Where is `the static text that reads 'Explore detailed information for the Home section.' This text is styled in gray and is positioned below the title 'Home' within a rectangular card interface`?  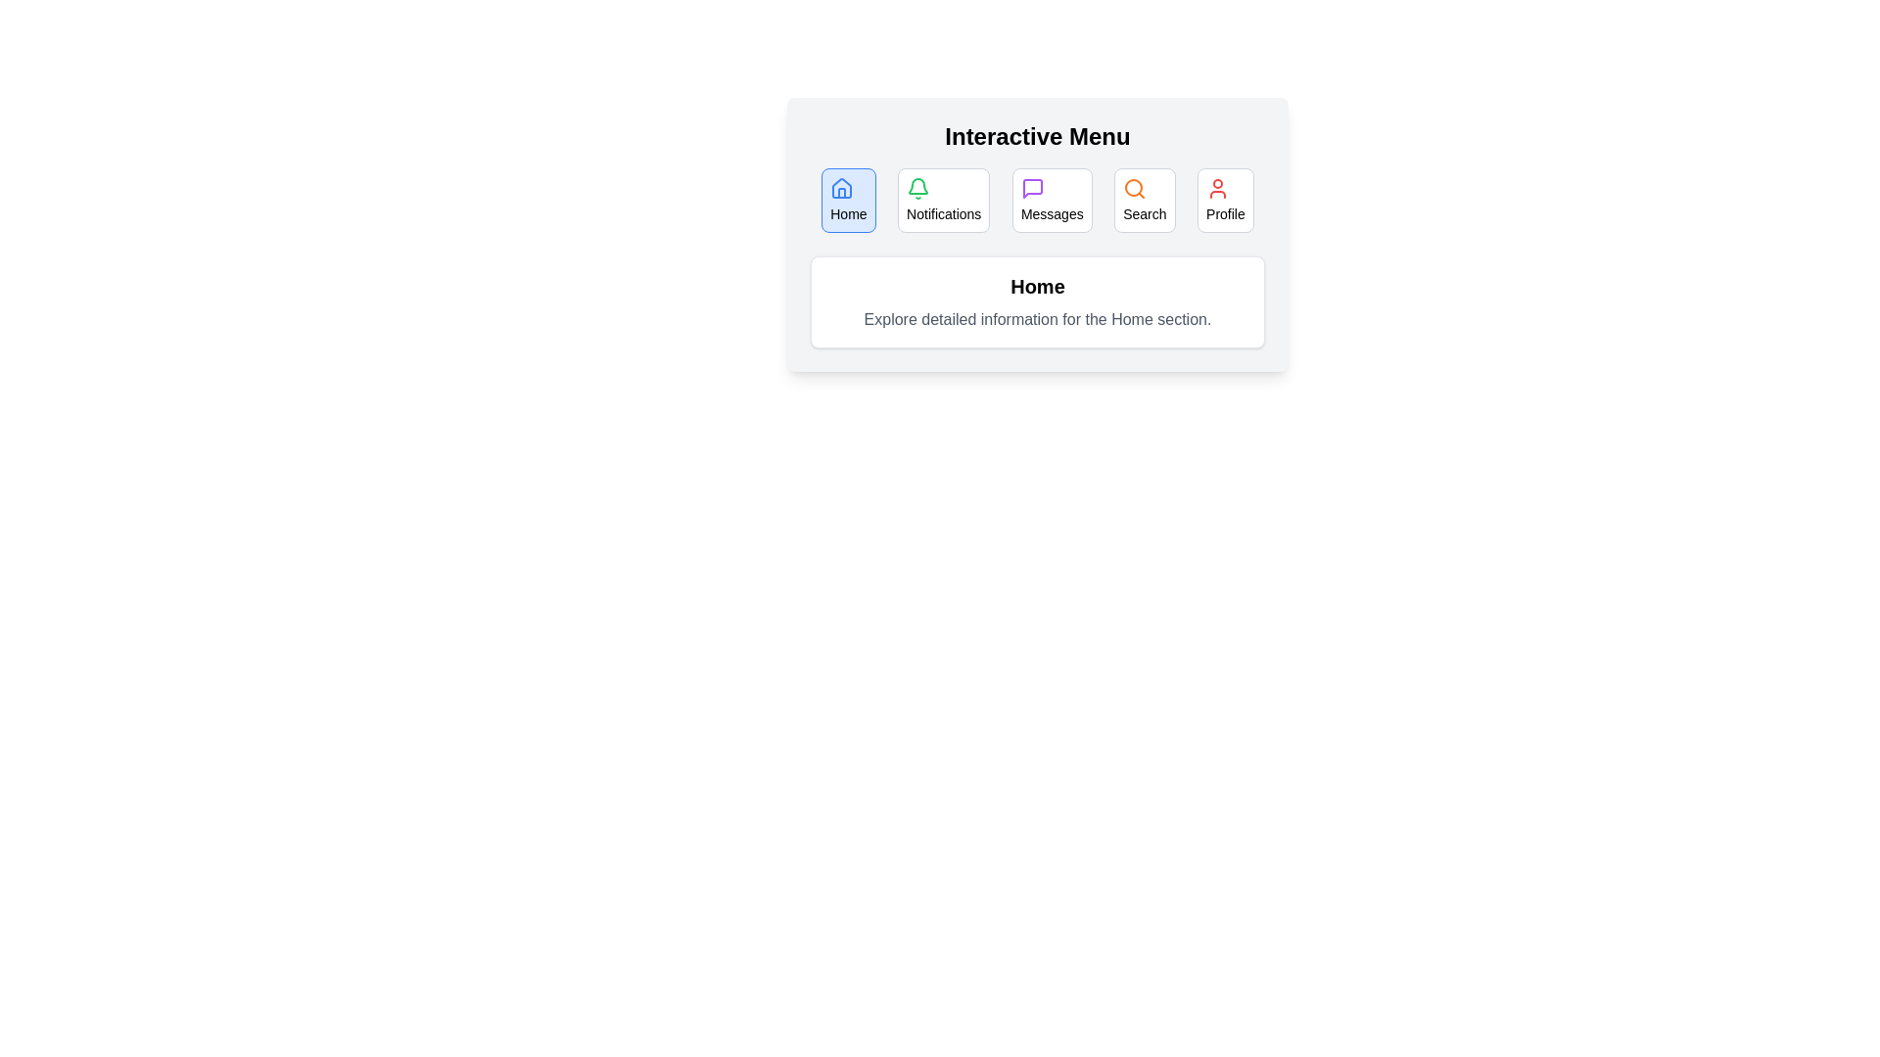
the static text that reads 'Explore detailed information for the Home section.' This text is styled in gray and is positioned below the title 'Home' within a rectangular card interface is located at coordinates (1037, 319).